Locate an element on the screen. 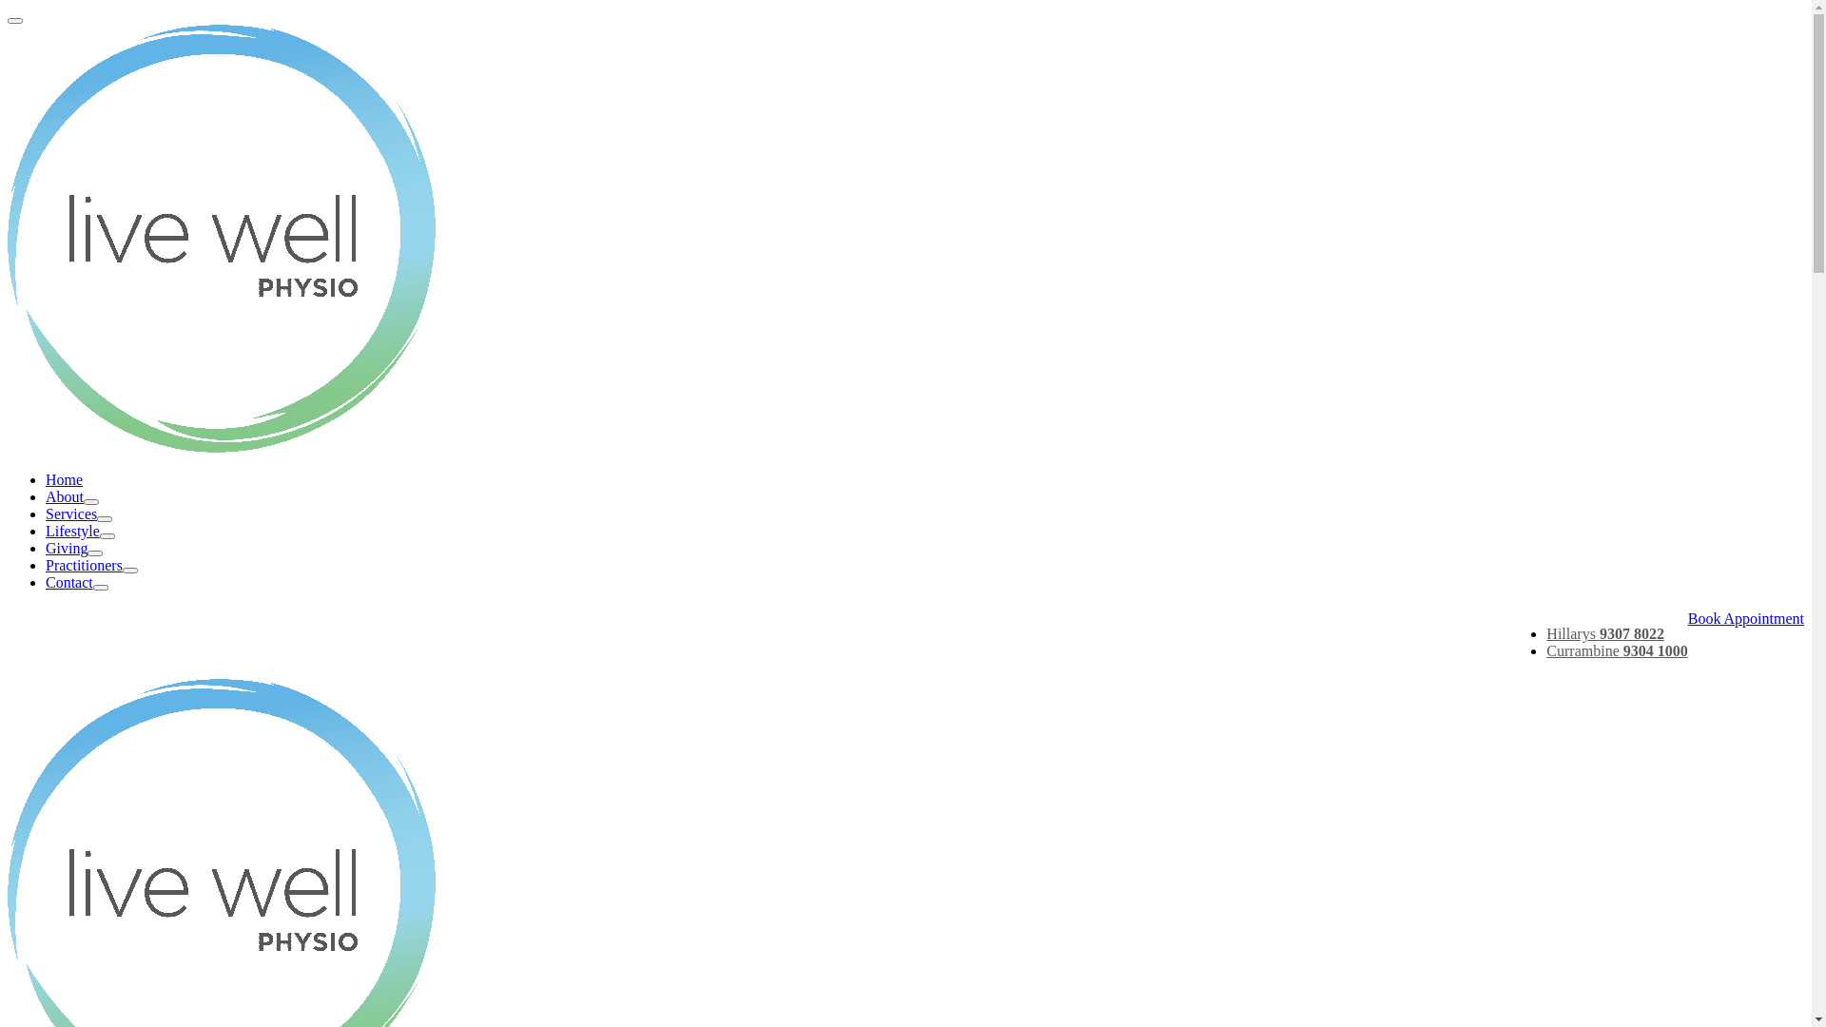 The image size is (1826, 1027). 'Lifestyle' is located at coordinates (79, 531).